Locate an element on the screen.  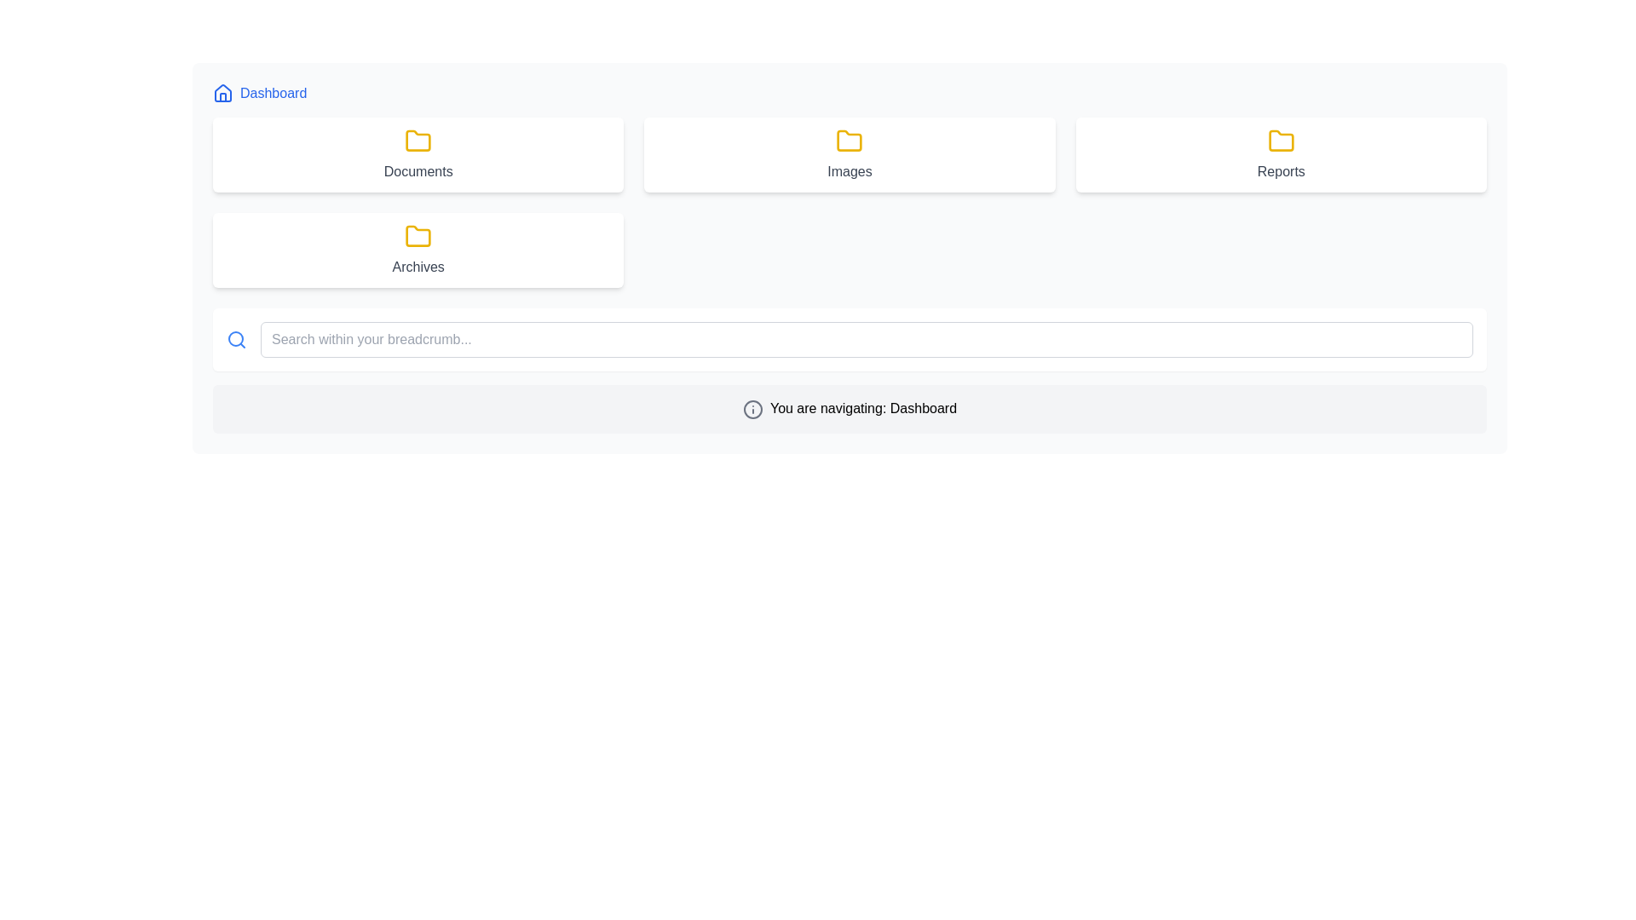
the blue magnifying glass search icon located on the leftmost side of the search bar is located at coordinates (236, 339).